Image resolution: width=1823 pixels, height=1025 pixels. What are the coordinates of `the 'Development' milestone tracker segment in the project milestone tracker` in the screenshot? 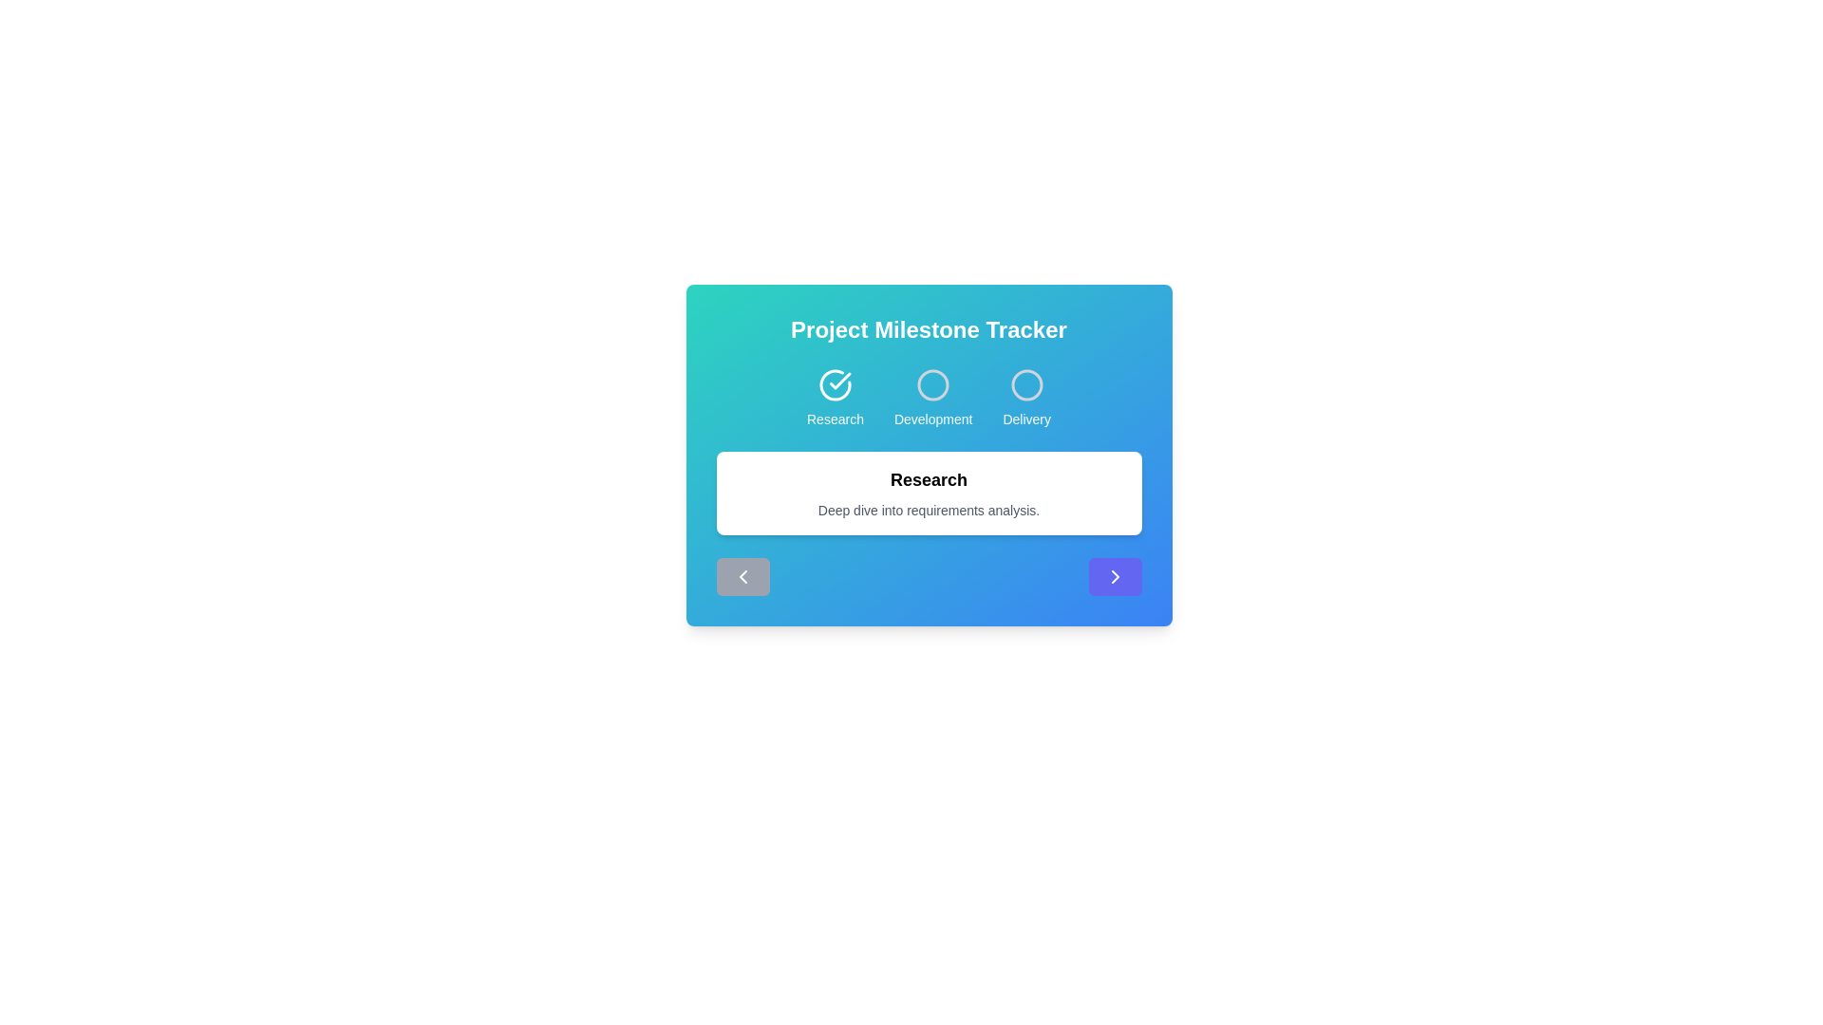 It's located at (929, 398).